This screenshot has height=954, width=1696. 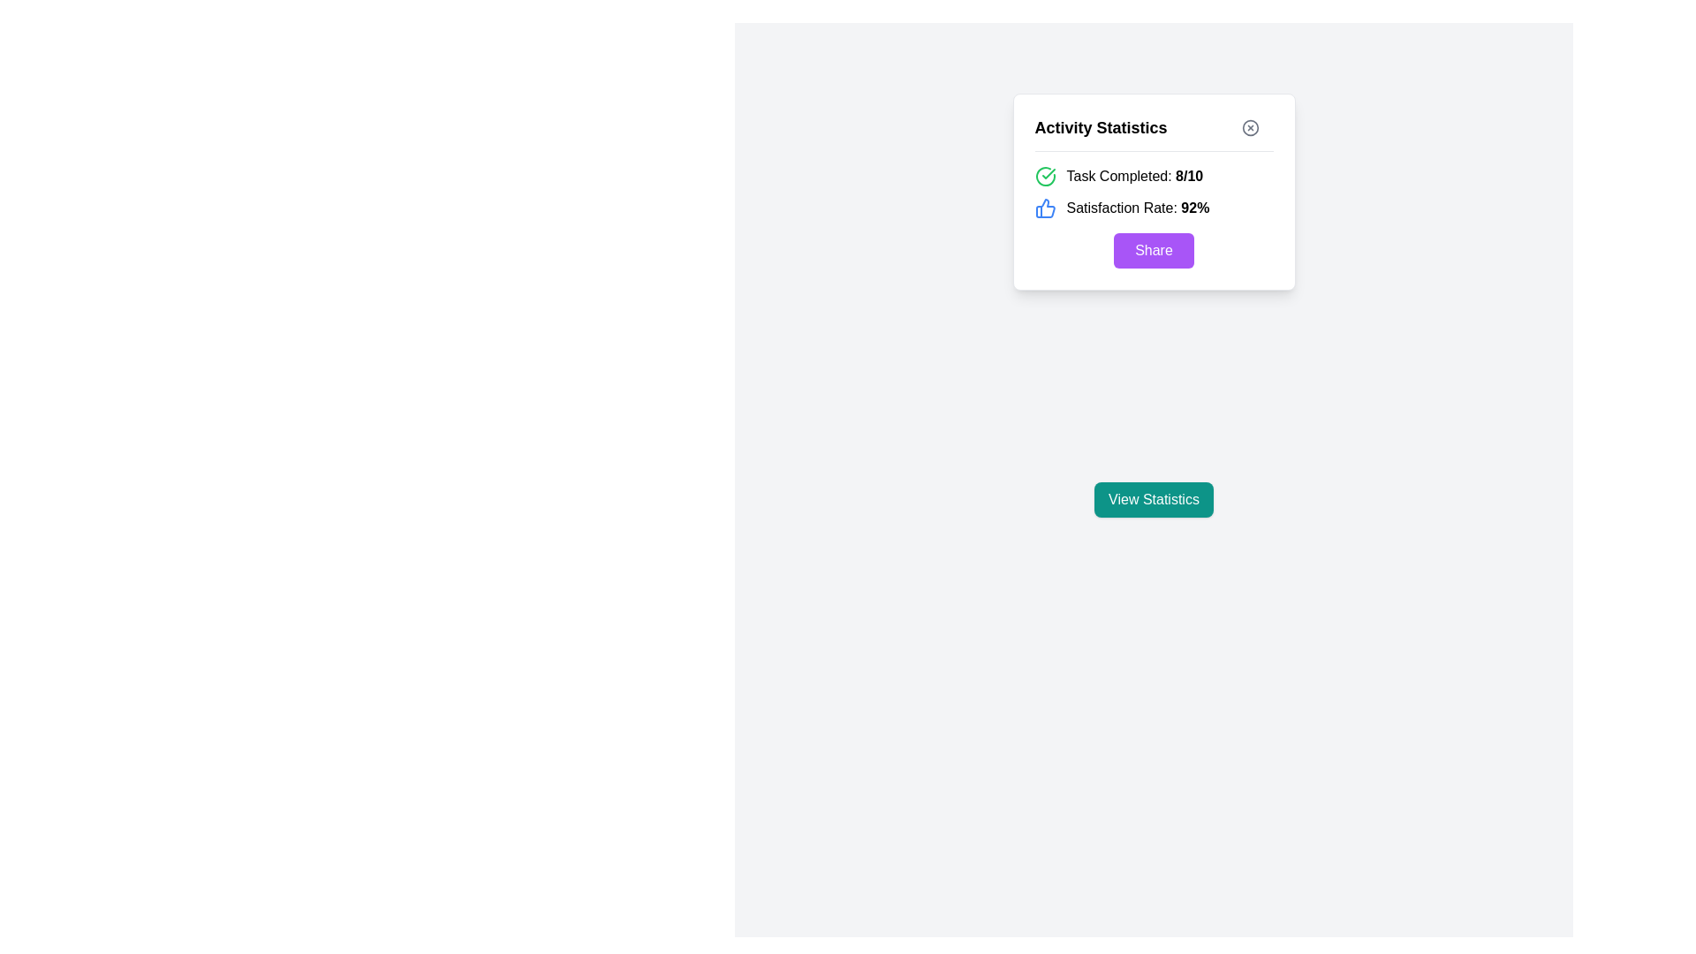 I want to click on the completion status icon located in the top-left corner of the white card labeled 'Activity Statistics', which is visually grouped with the text 'Task Completed: 8/10', so click(x=1045, y=177).